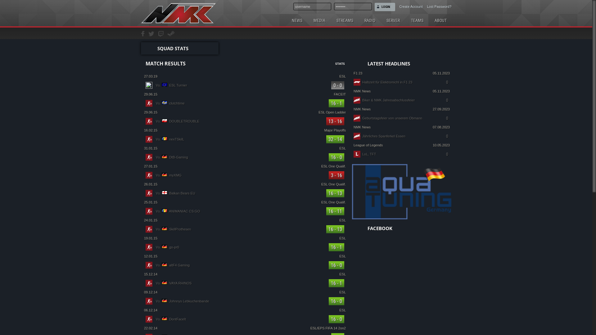 This screenshot has width=596, height=335. I want to click on '  Vs.   go-pr0, so click(244, 247).